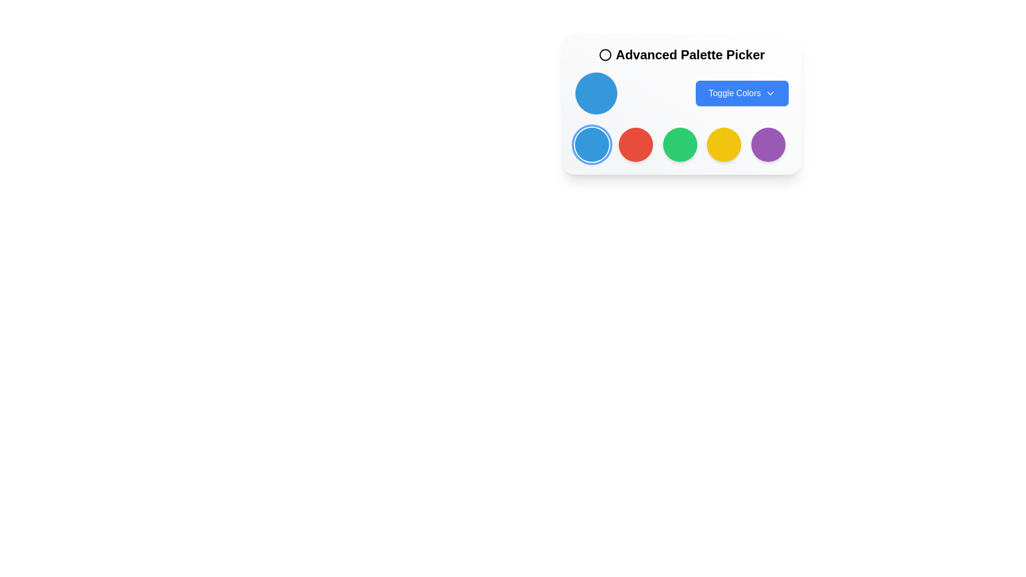  What do you see at coordinates (742, 92) in the screenshot?
I see `the 'Toggle Colors' button which is a rectangular button with white text on a blue background, located near the top right of the advanced palette picker interface` at bounding box center [742, 92].